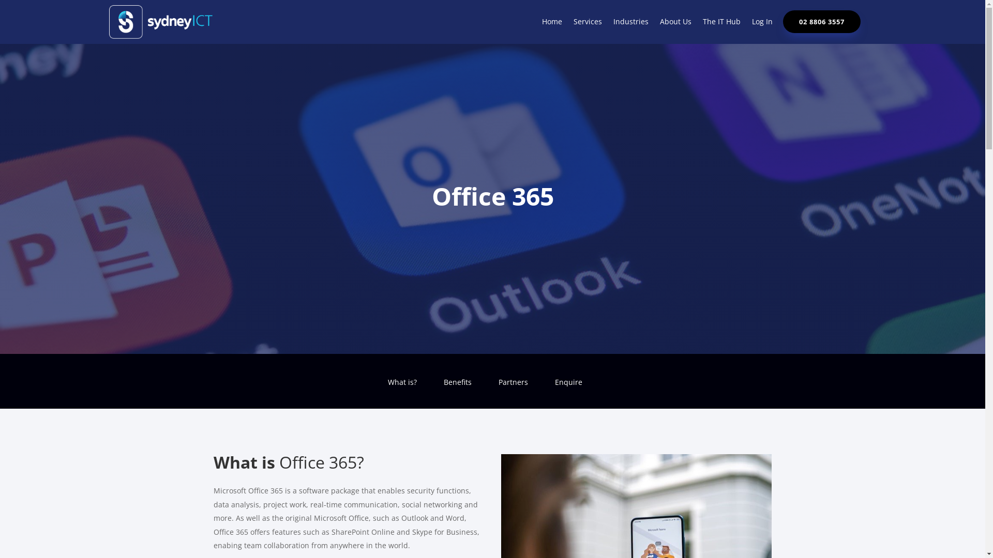 This screenshot has width=993, height=558. Describe the element at coordinates (513, 390) in the screenshot. I see `'Partners'` at that location.